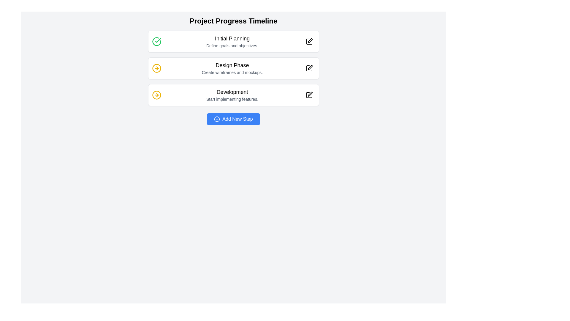 Image resolution: width=570 pixels, height=321 pixels. What do you see at coordinates (309, 41) in the screenshot?
I see `the 'Edit' button in the 'Initial Planning' section` at bounding box center [309, 41].